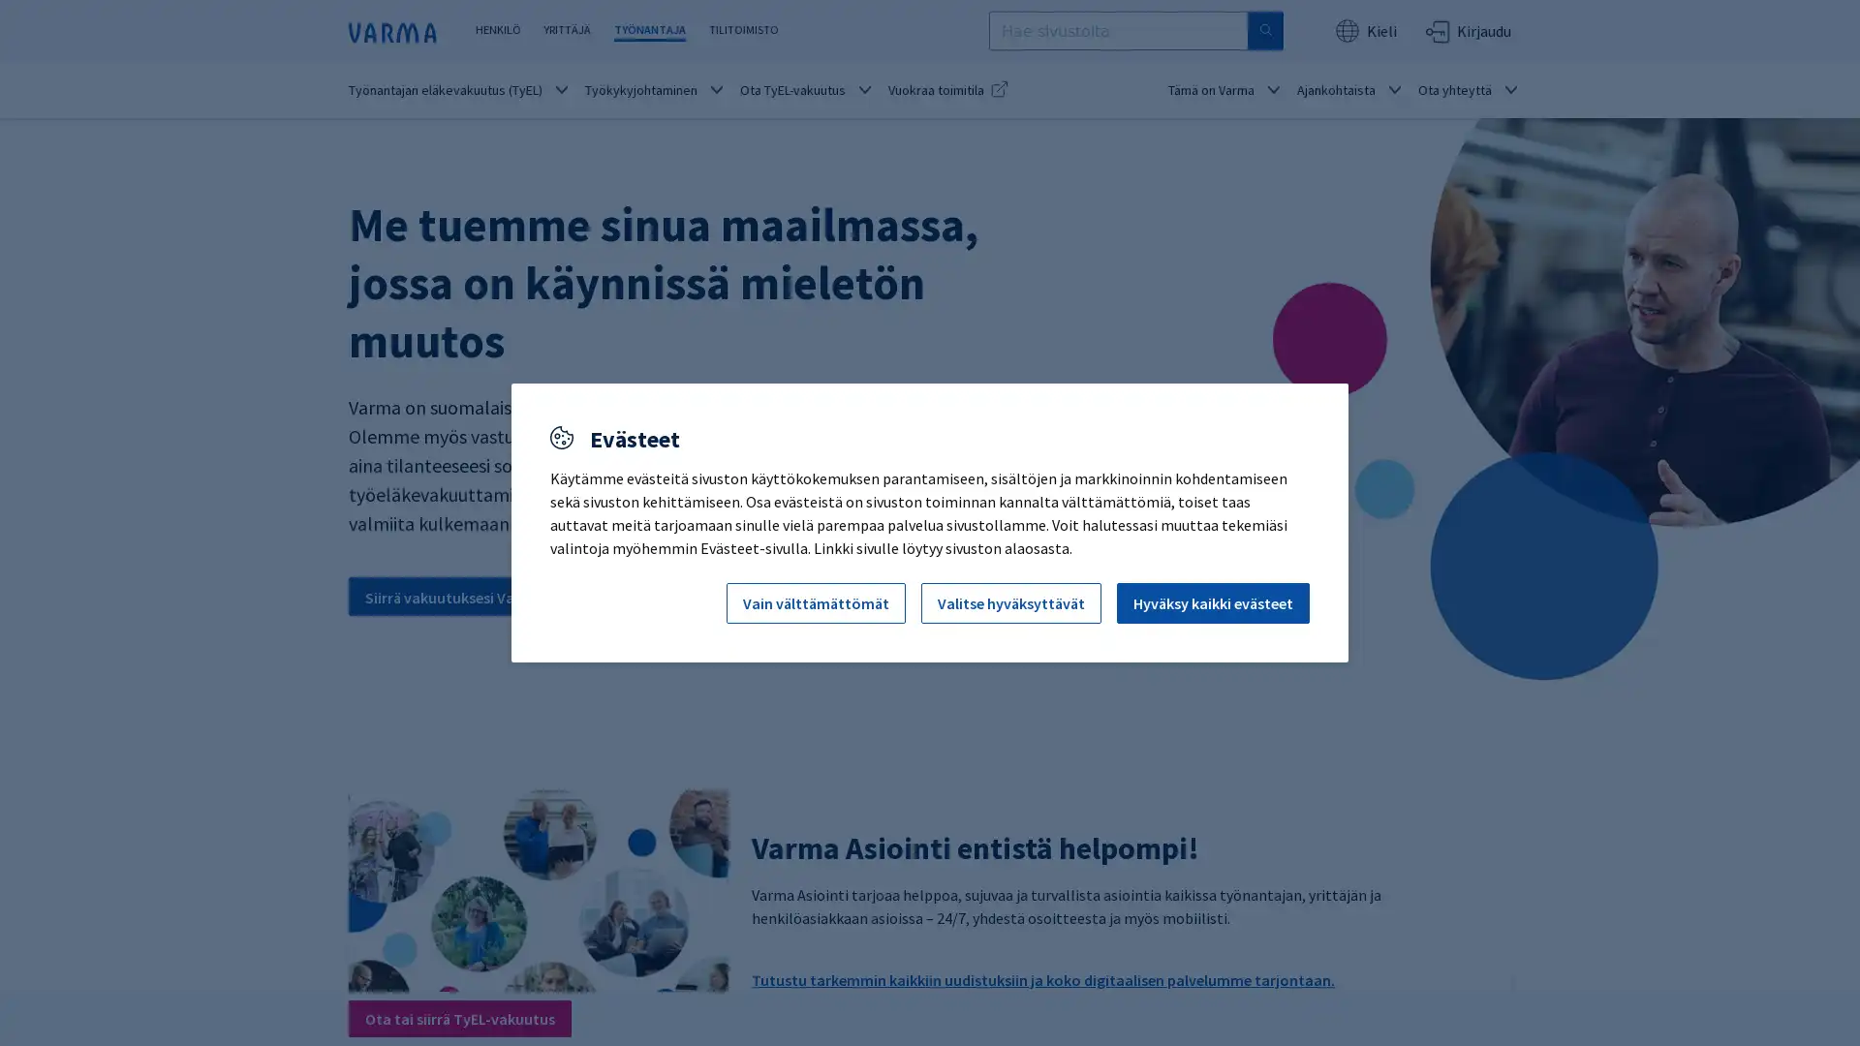 Image resolution: width=1860 pixels, height=1046 pixels. What do you see at coordinates (1265, 30) in the screenshot?
I see `Hae sivustolta` at bounding box center [1265, 30].